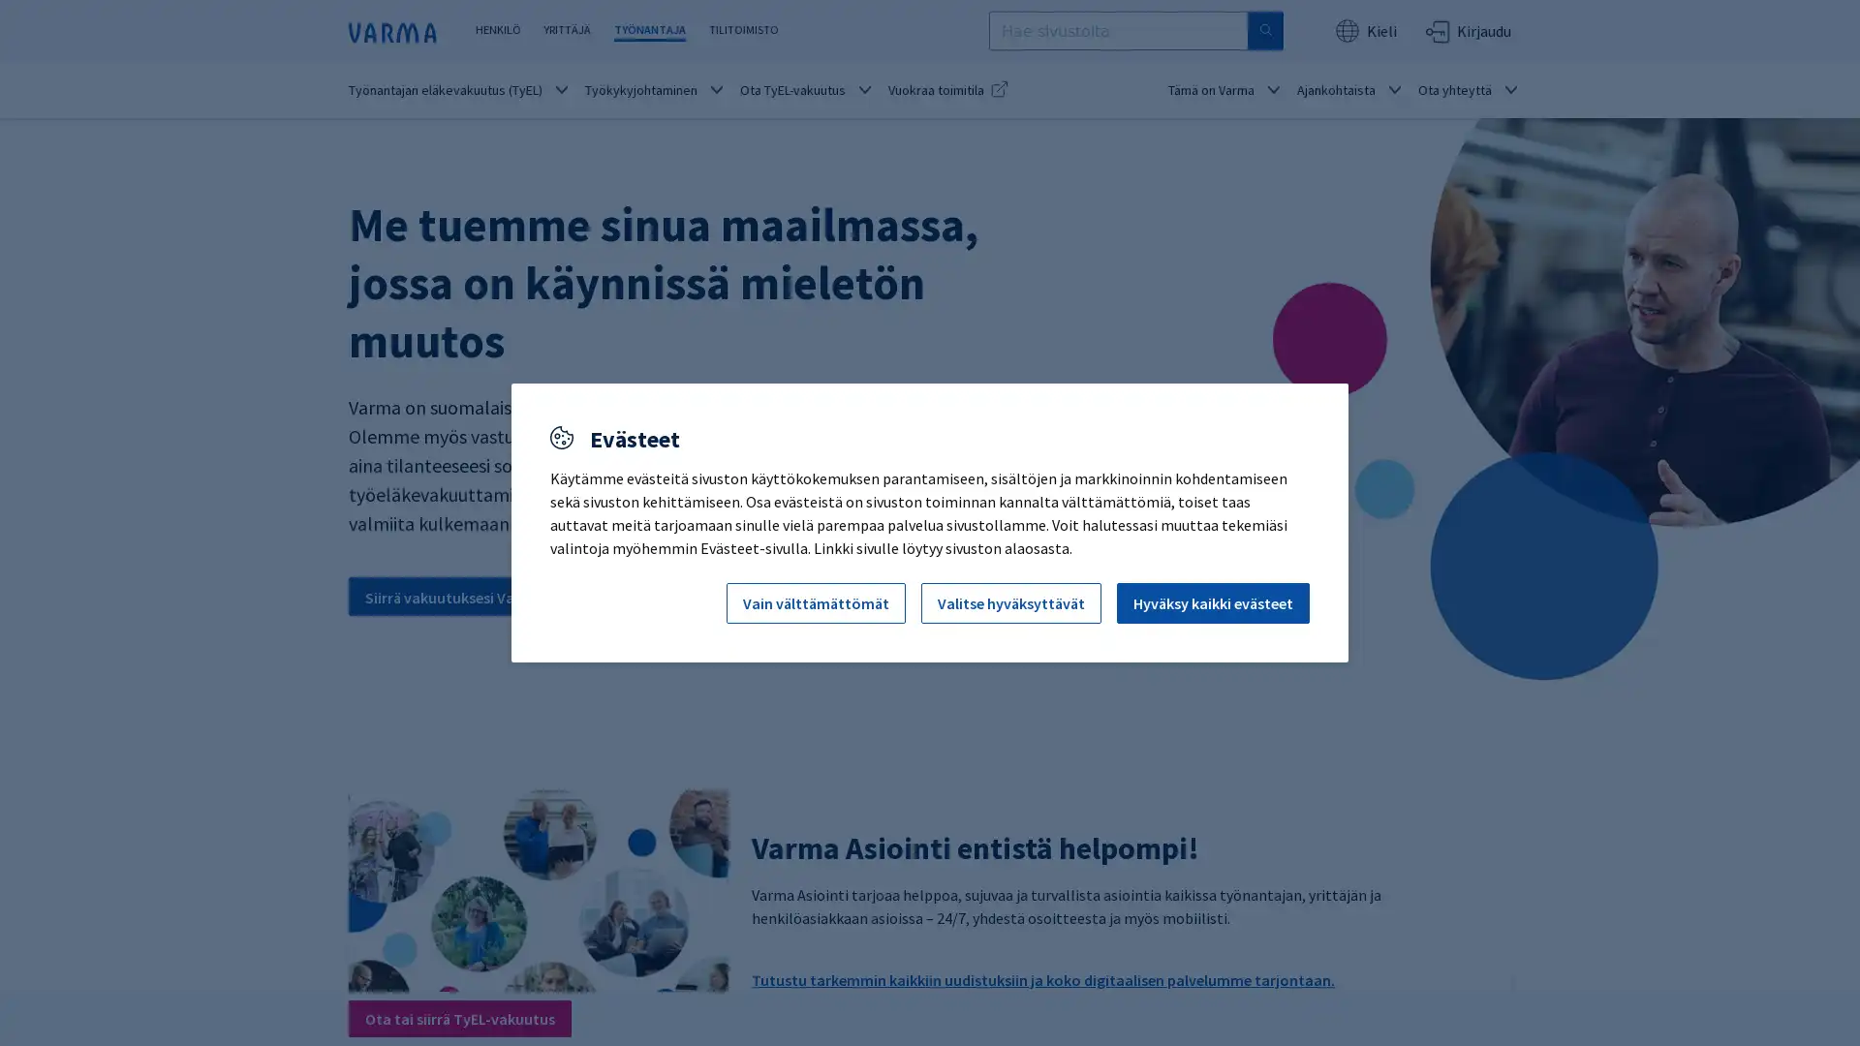 Image resolution: width=1860 pixels, height=1046 pixels. What do you see at coordinates (1265, 30) in the screenshot?
I see `Hae sivustolta` at bounding box center [1265, 30].